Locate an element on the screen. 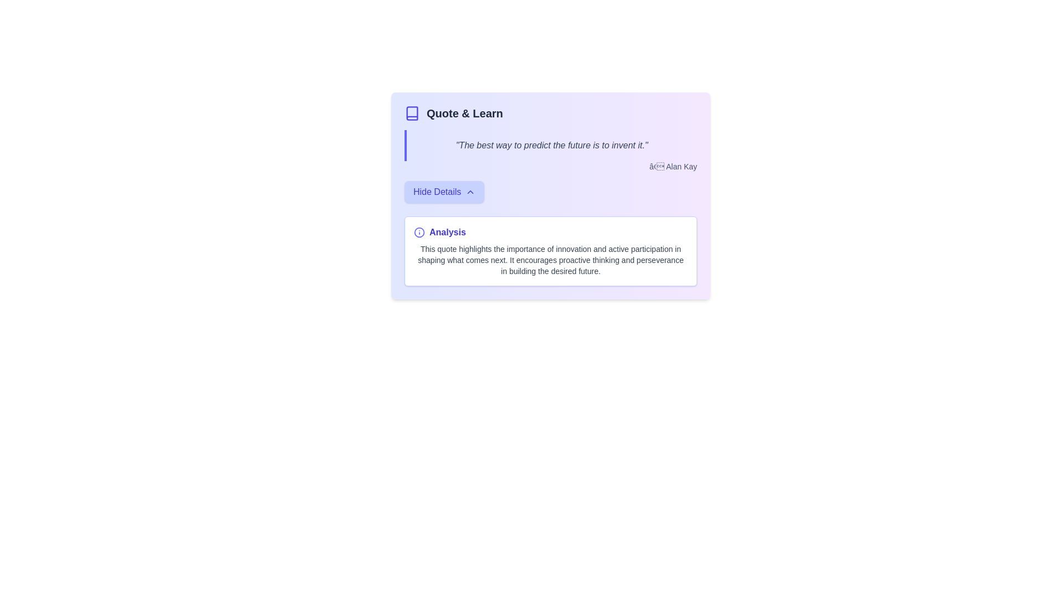  the SVG-based educational icon positioned to the left of the 'Quote & Learn' text is located at coordinates (412, 113).